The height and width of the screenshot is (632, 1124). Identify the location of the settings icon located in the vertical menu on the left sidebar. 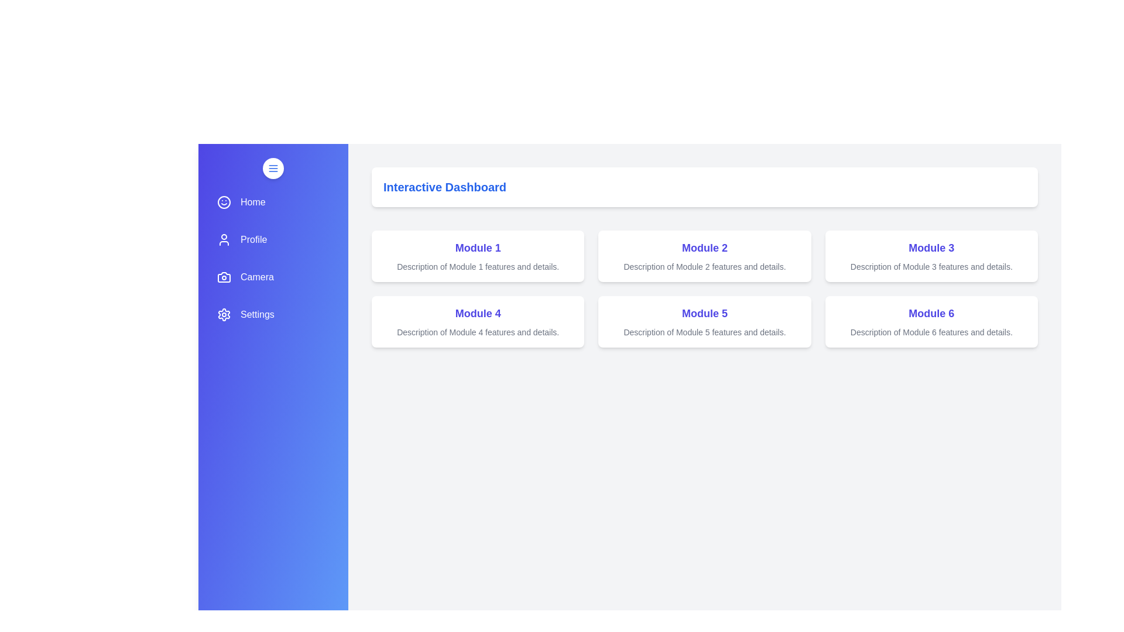
(224, 314).